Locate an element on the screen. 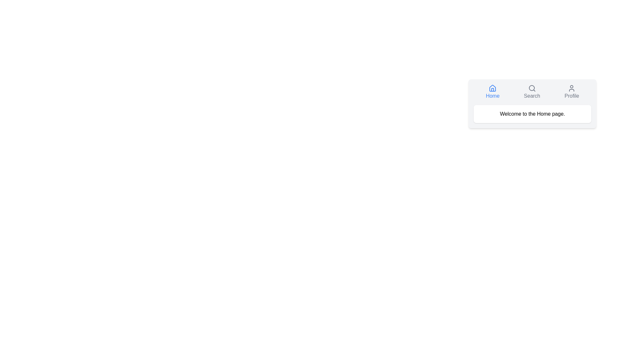 This screenshot has width=617, height=347. the 'Search' icon with label is located at coordinates (532, 92).